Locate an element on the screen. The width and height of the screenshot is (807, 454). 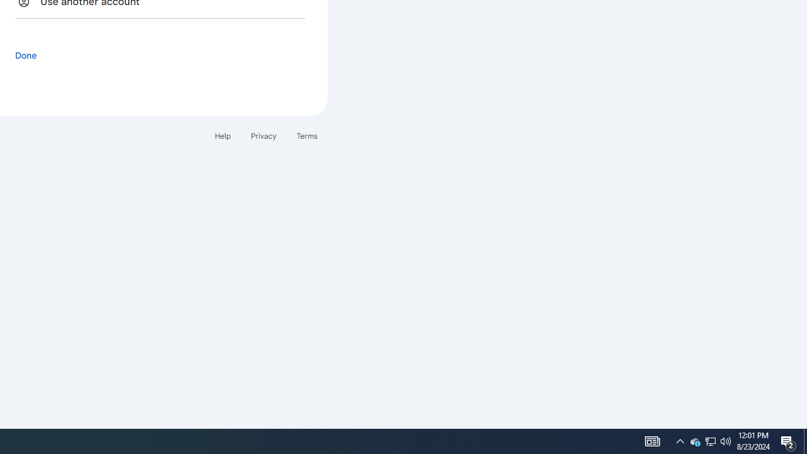
'Done' is located at coordinates (26, 54).